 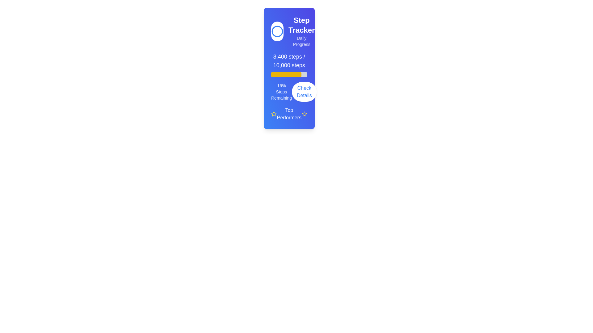 What do you see at coordinates (286, 74) in the screenshot?
I see `the progress bar, which is located horizontally below the step count text and above the 'Check Details' button` at bounding box center [286, 74].